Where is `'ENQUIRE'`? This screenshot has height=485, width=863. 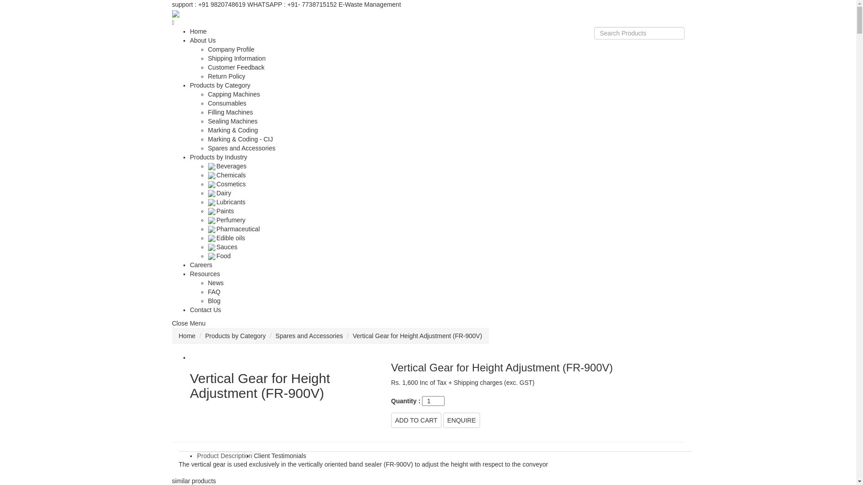 'ENQUIRE' is located at coordinates (462, 420).